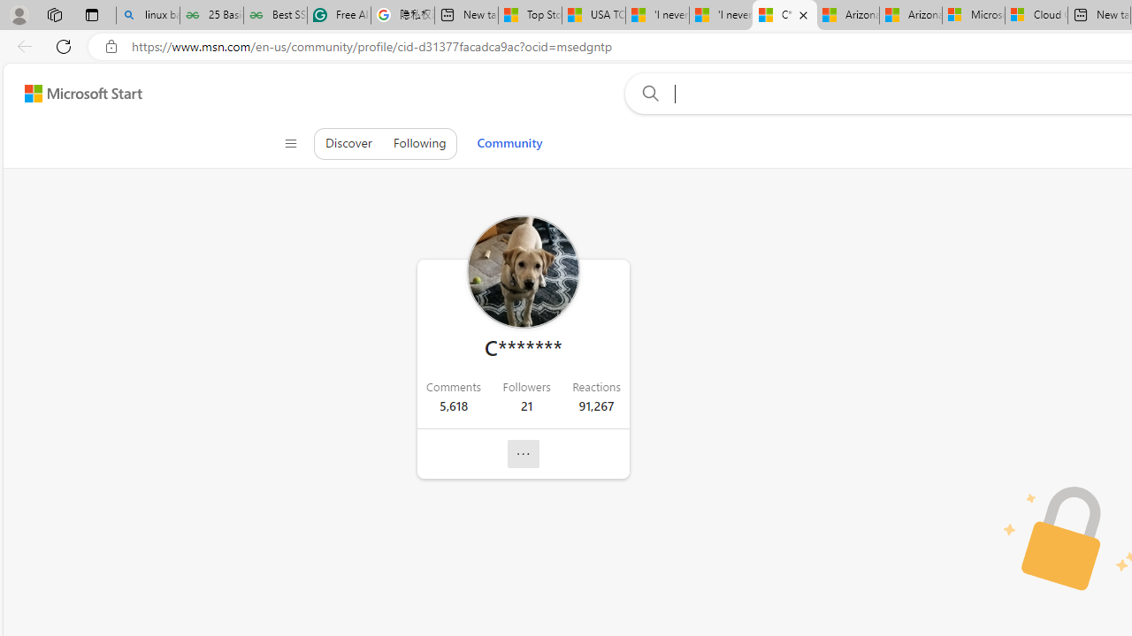  I want to click on 'C******* | Trusted Community Engagement and Contributions', so click(784, 15).